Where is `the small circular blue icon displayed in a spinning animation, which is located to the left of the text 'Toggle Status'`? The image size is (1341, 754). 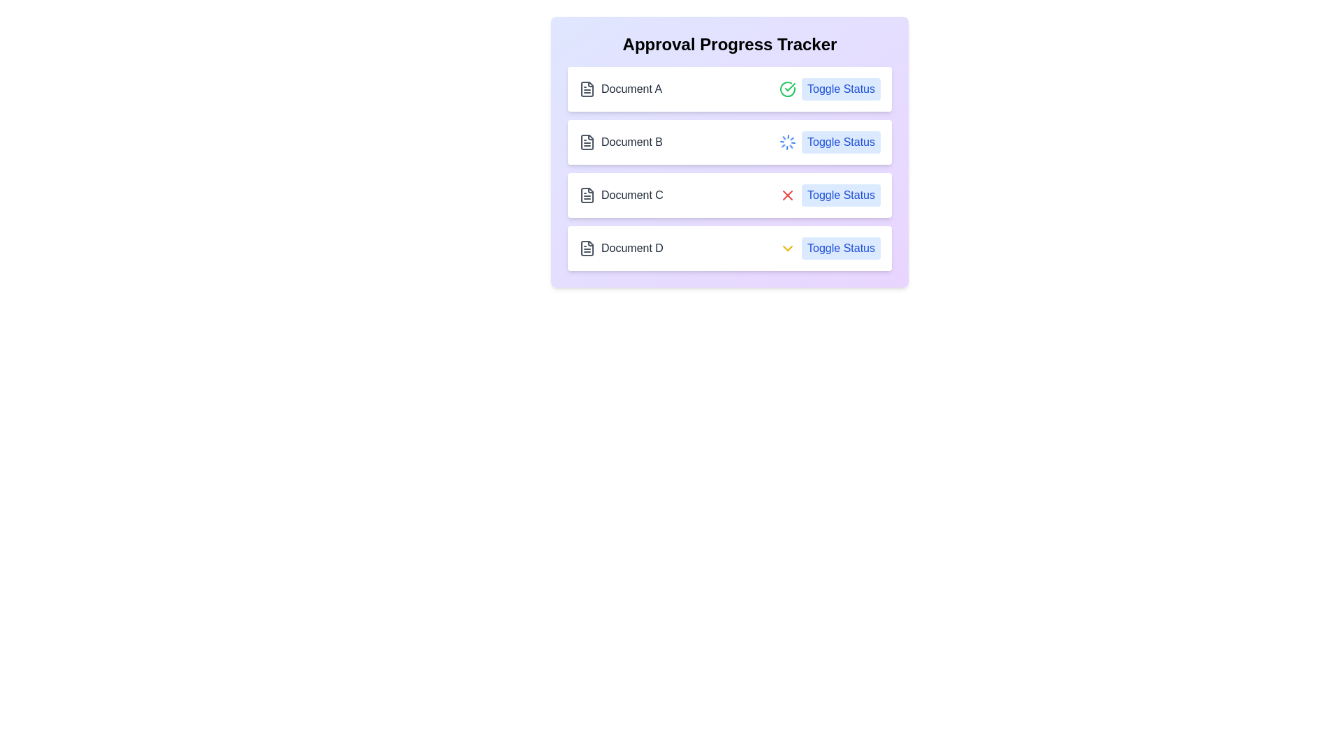 the small circular blue icon displayed in a spinning animation, which is located to the left of the text 'Toggle Status' is located at coordinates (788, 142).